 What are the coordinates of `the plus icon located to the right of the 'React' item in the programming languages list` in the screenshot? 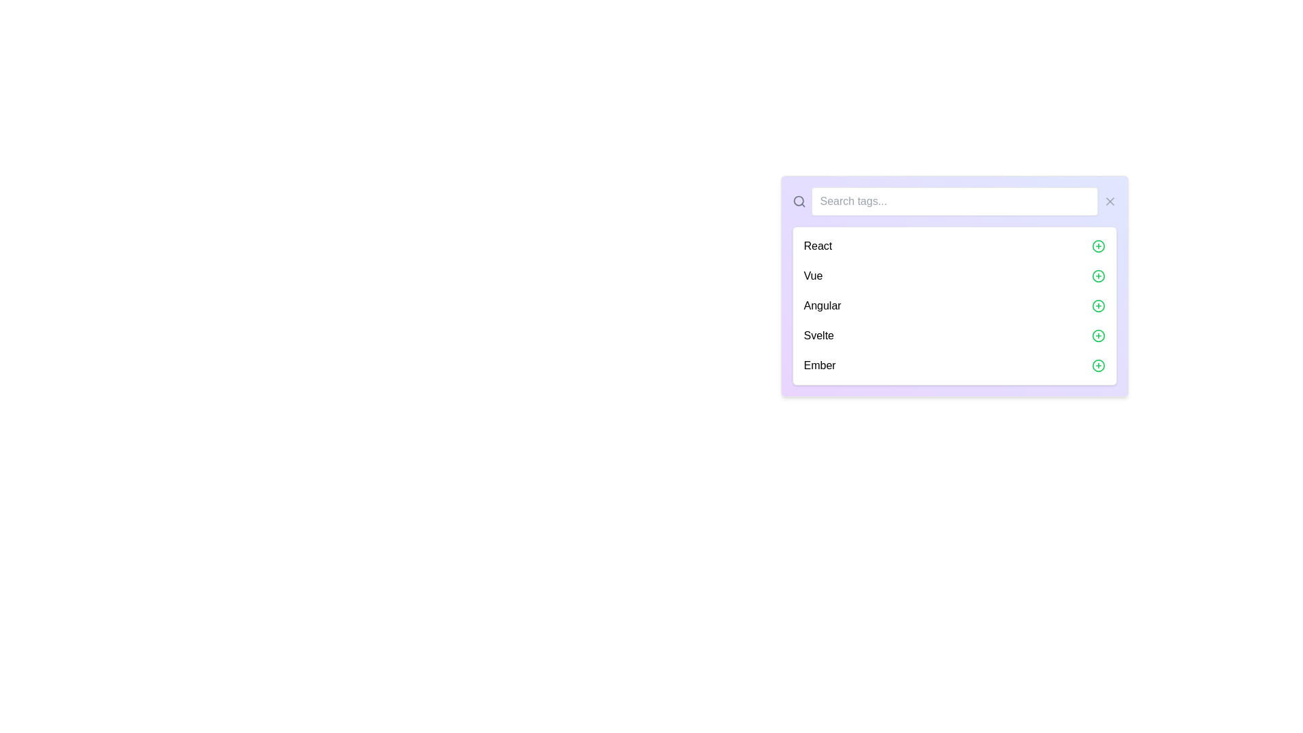 It's located at (1098, 246).